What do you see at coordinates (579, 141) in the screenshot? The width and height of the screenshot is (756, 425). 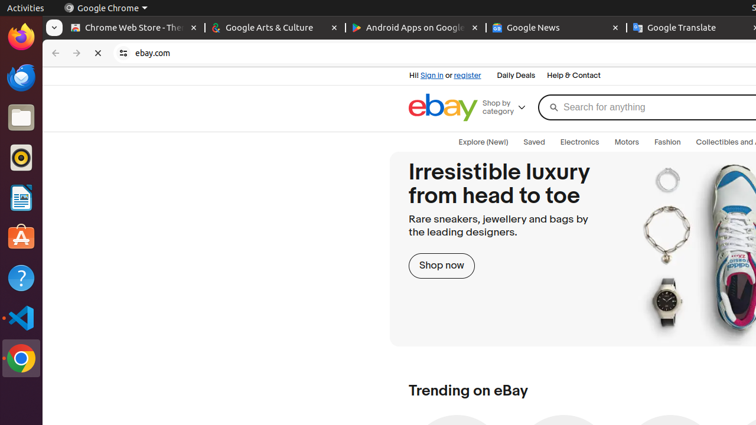 I see `'Electronics'` at bounding box center [579, 141].